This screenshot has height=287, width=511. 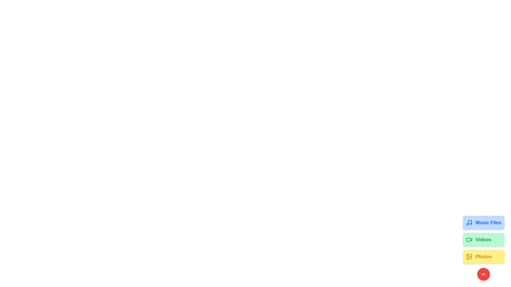 What do you see at coordinates (484, 222) in the screenshot?
I see `the 'Music Files' button` at bounding box center [484, 222].